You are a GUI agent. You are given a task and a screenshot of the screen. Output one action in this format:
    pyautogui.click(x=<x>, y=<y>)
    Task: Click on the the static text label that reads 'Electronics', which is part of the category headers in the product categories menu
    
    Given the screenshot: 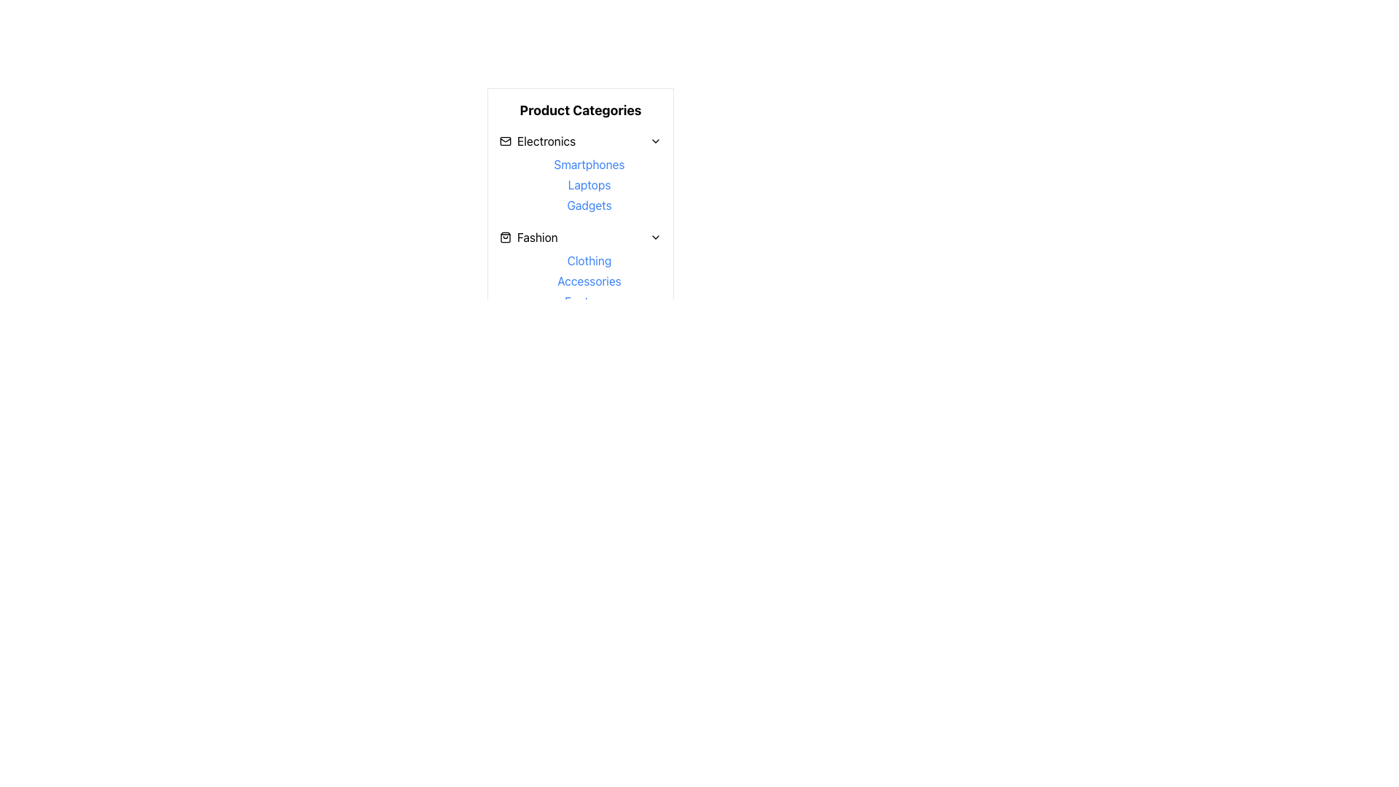 What is the action you would take?
    pyautogui.click(x=546, y=141)
    